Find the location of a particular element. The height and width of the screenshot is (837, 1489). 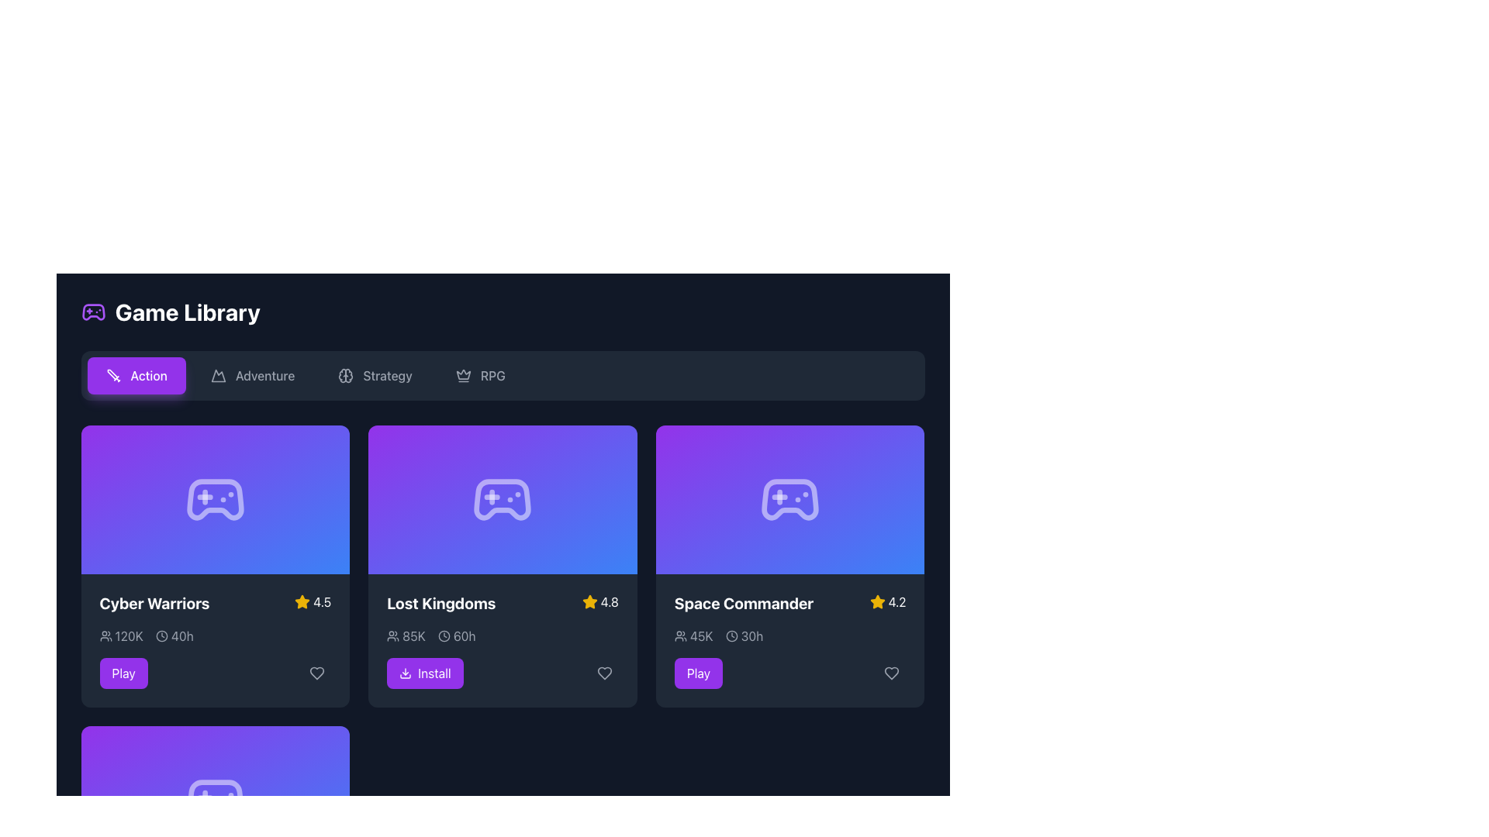

the brain icon located within the 'Strategy' button in the navigation menu at the top of the interface is located at coordinates (345, 376).